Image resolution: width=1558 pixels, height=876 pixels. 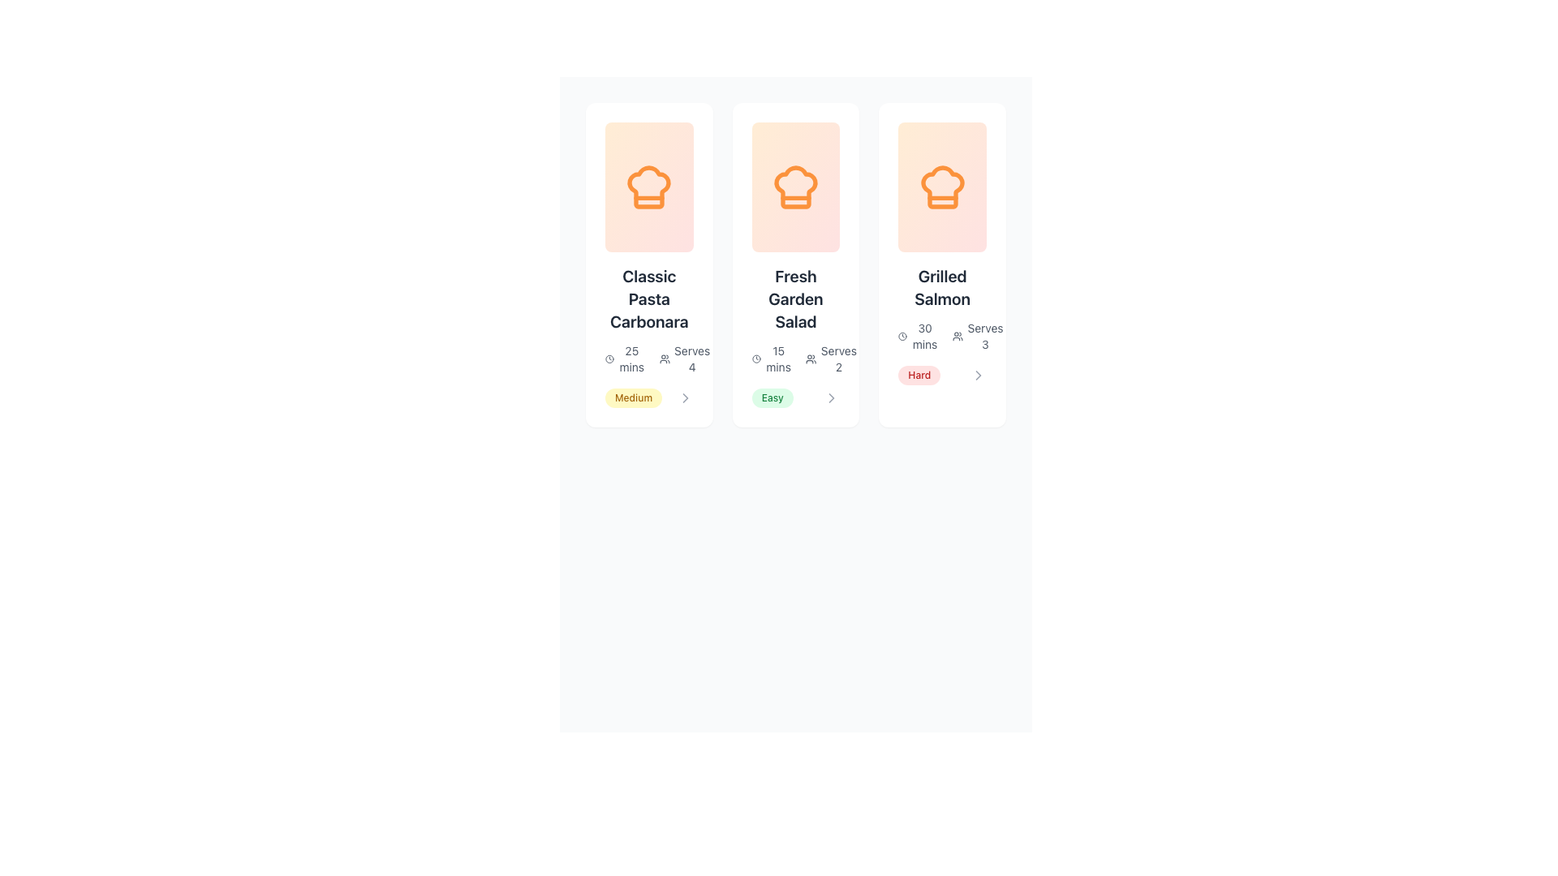 I want to click on the text label displaying '15 mins', which is positioned beneath a clock symbol and above the 'Easy' tag in the second card of three cards, so click(x=777, y=359).